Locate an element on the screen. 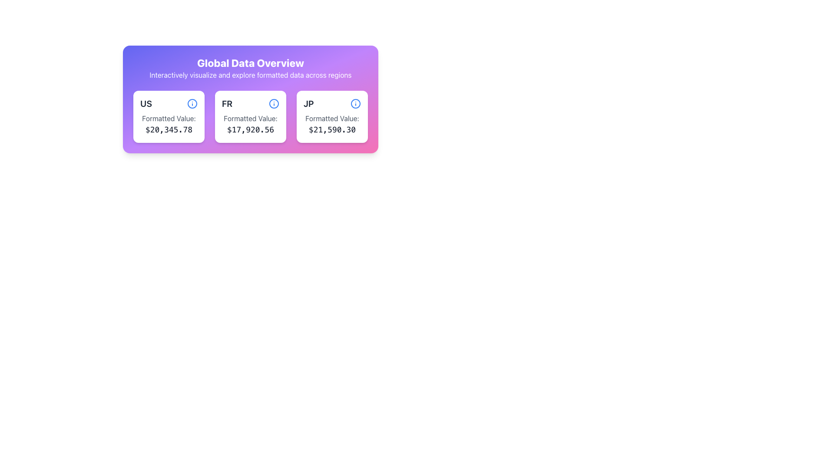 The height and width of the screenshot is (469, 834). the blue circular icon located above the text '$21,590.30' is located at coordinates (356, 103).